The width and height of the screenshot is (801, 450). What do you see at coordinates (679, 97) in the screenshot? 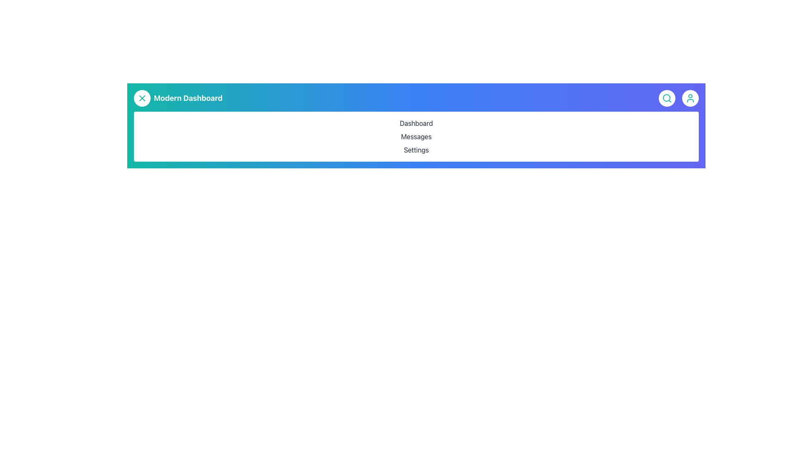
I see `the user icon in the top-right corner of the interface, located in the header bar, for profile-related actions` at bounding box center [679, 97].